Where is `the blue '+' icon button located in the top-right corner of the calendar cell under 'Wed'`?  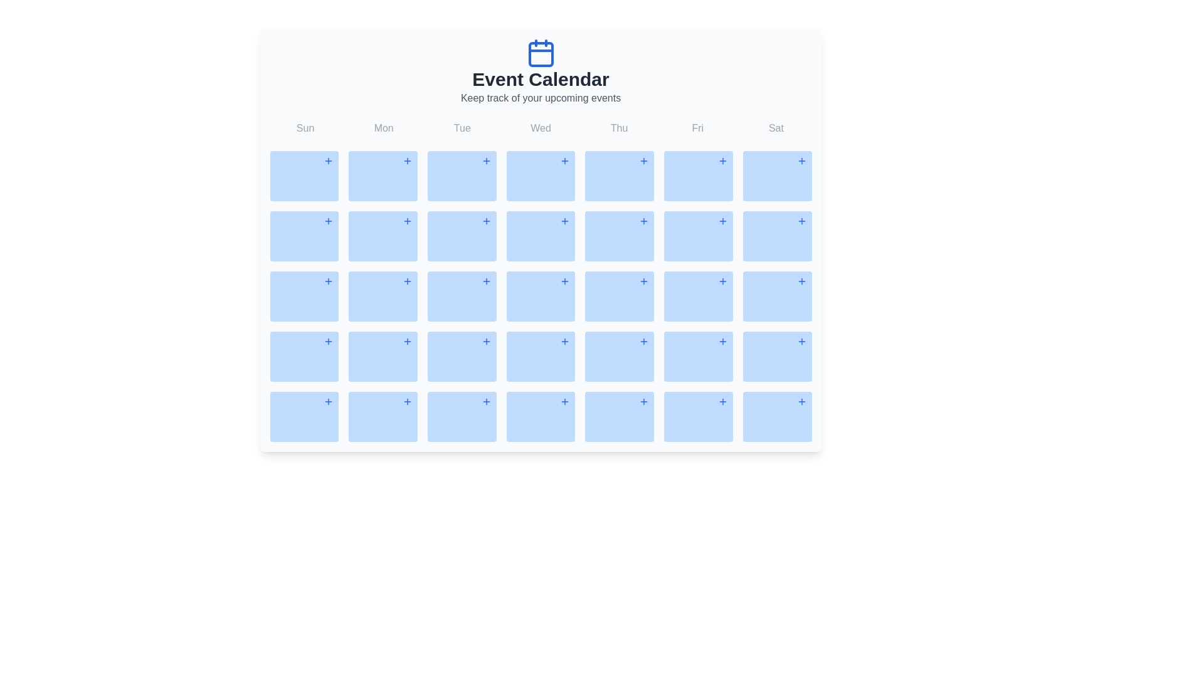 the blue '+' icon button located in the top-right corner of the calendar cell under 'Wed' is located at coordinates (564, 160).